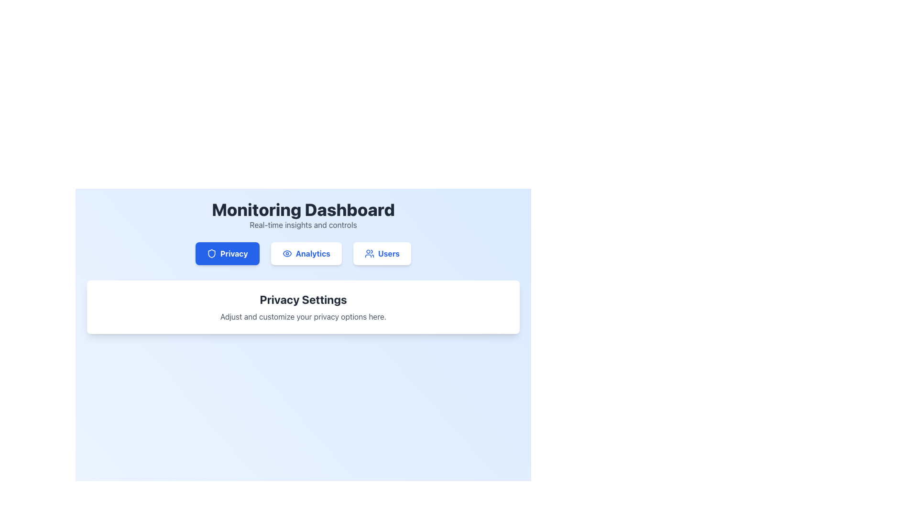  I want to click on the Group of Texts element that presents the header and supporting description for the privacy settings section, located below the navigation buttons, so click(303, 307).